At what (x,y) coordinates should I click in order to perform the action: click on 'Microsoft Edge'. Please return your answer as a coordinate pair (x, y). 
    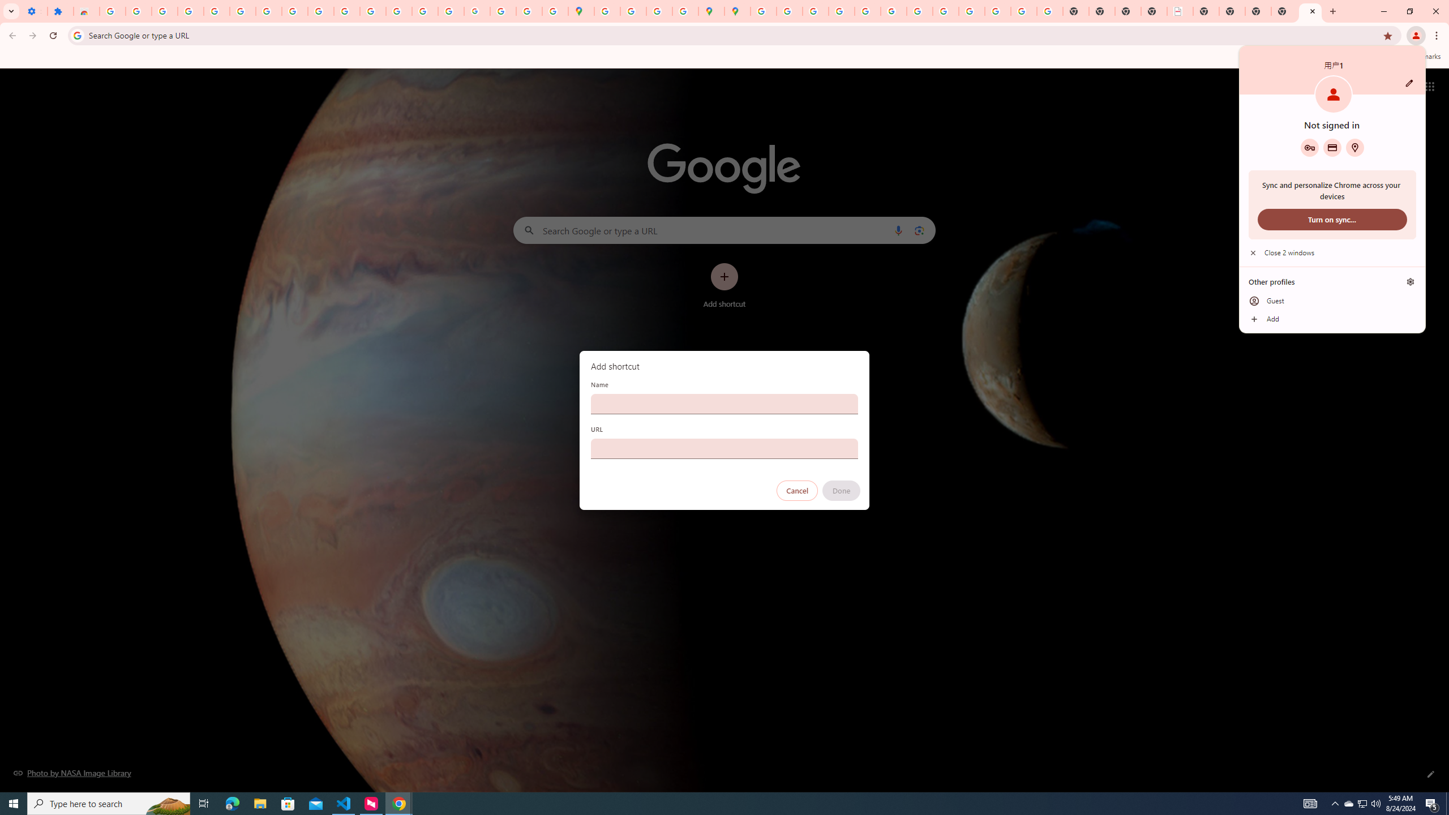
    Looking at the image, I should click on (232, 803).